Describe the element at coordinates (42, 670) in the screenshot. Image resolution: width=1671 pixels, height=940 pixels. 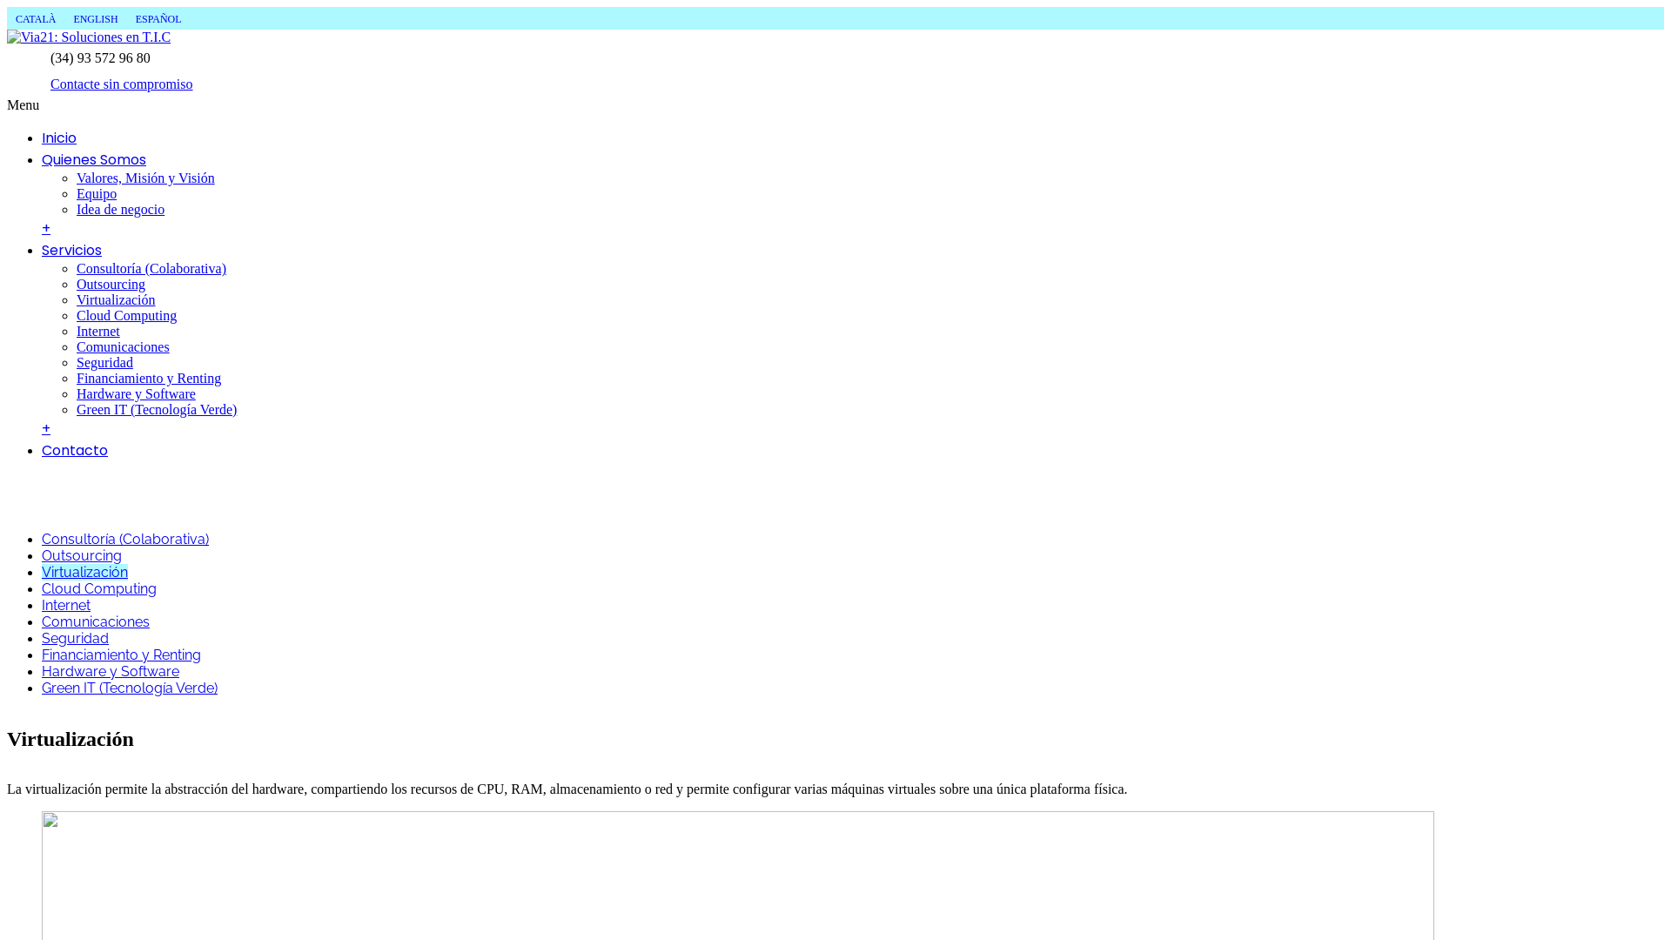
I see `'Hardware y Software'` at that location.